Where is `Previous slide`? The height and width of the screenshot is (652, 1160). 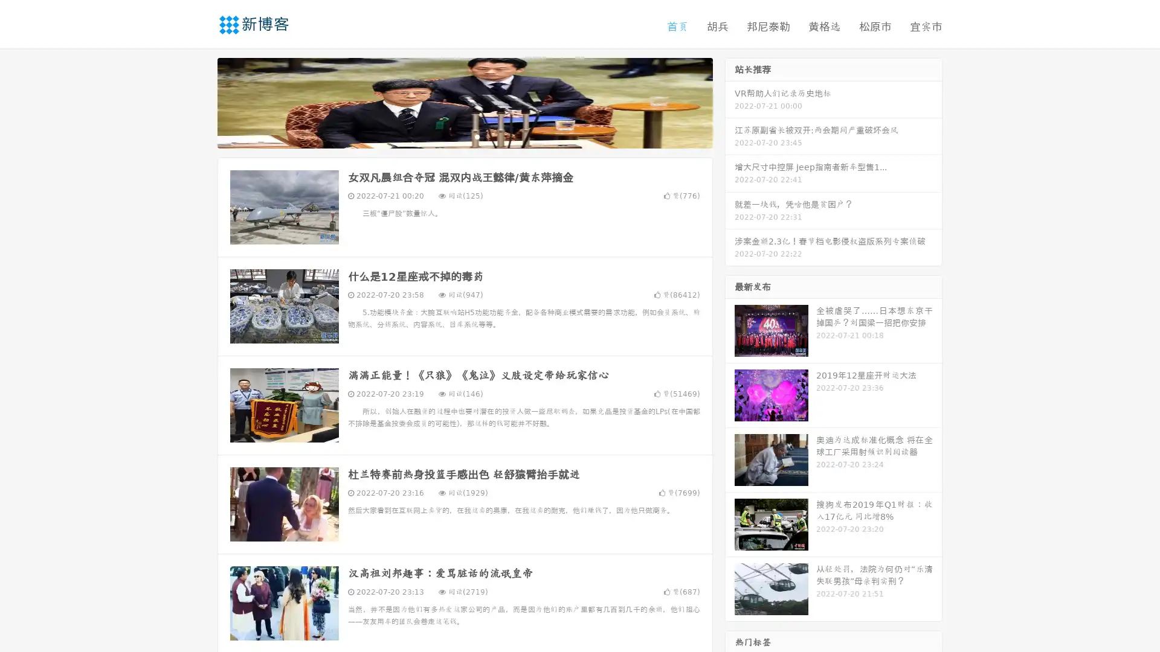
Previous slide is located at coordinates (199, 101).